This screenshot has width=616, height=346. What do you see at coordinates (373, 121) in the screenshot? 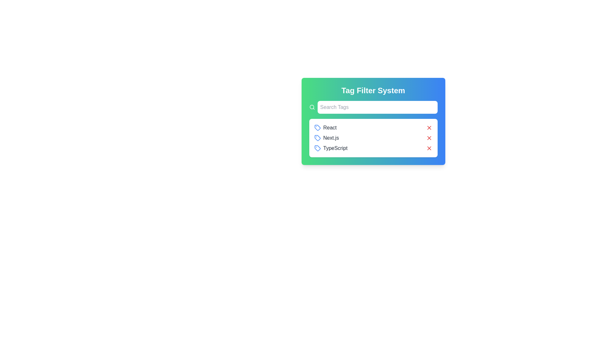
I see `the tag list of the 'Tag Filter System' element which includes tags labeled 'React,' 'Next.js,' and 'TypeScript.'` at bounding box center [373, 121].